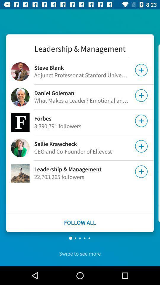 The width and height of the screenshot is (160, 285). I want to click on the follow all item, so click(80, 222).